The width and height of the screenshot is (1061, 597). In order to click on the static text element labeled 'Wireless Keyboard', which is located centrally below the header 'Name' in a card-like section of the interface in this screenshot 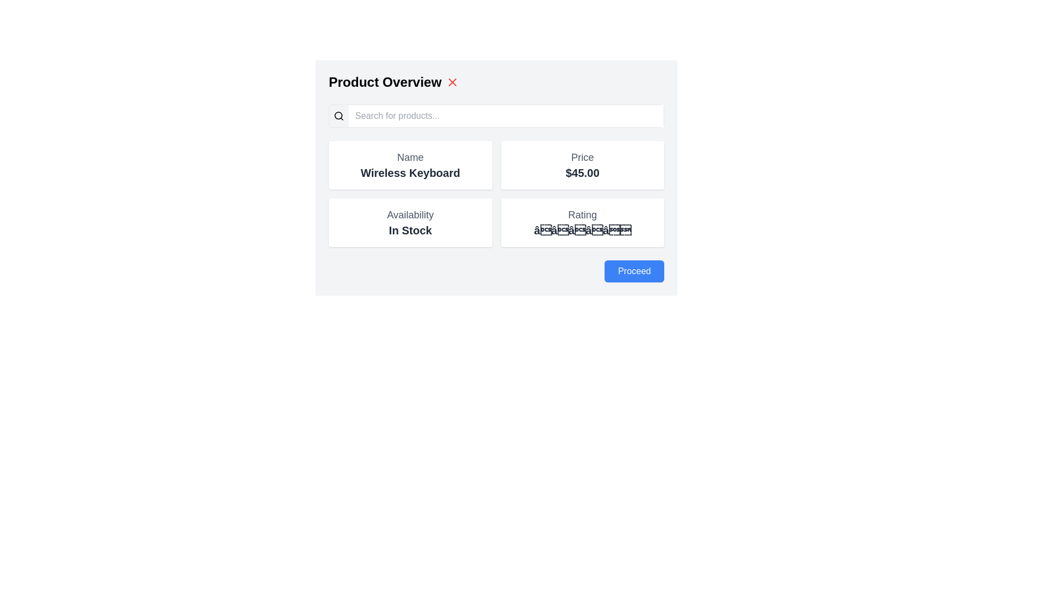, I will do `click(409, 172)`.